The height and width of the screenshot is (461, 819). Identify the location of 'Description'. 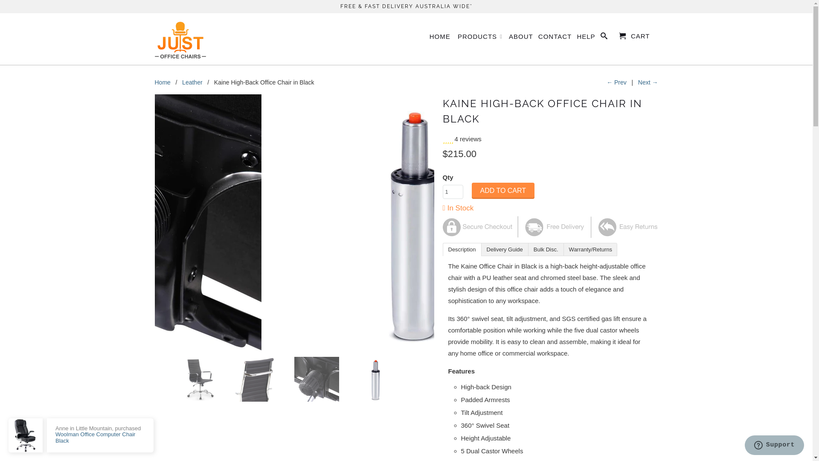
(462, 249).